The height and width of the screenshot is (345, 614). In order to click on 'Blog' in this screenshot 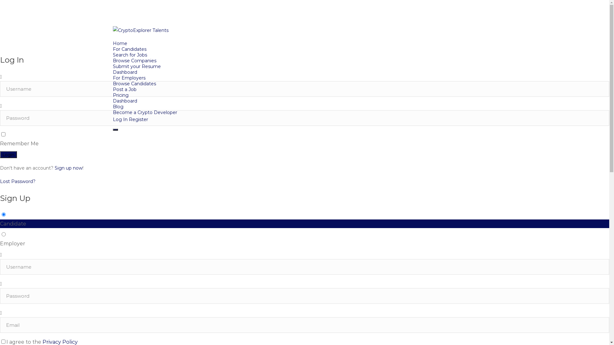, I will do `click(118, 106)`.